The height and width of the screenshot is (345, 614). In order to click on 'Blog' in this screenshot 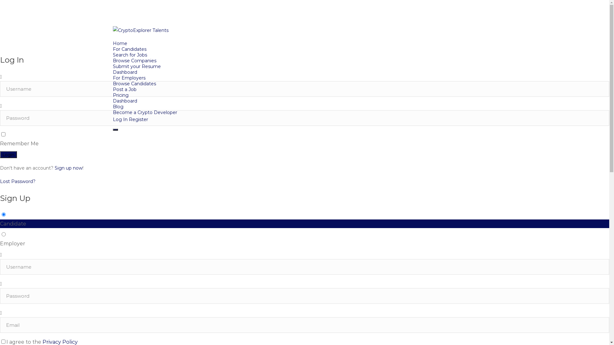, I will do `click(118, 106)`.